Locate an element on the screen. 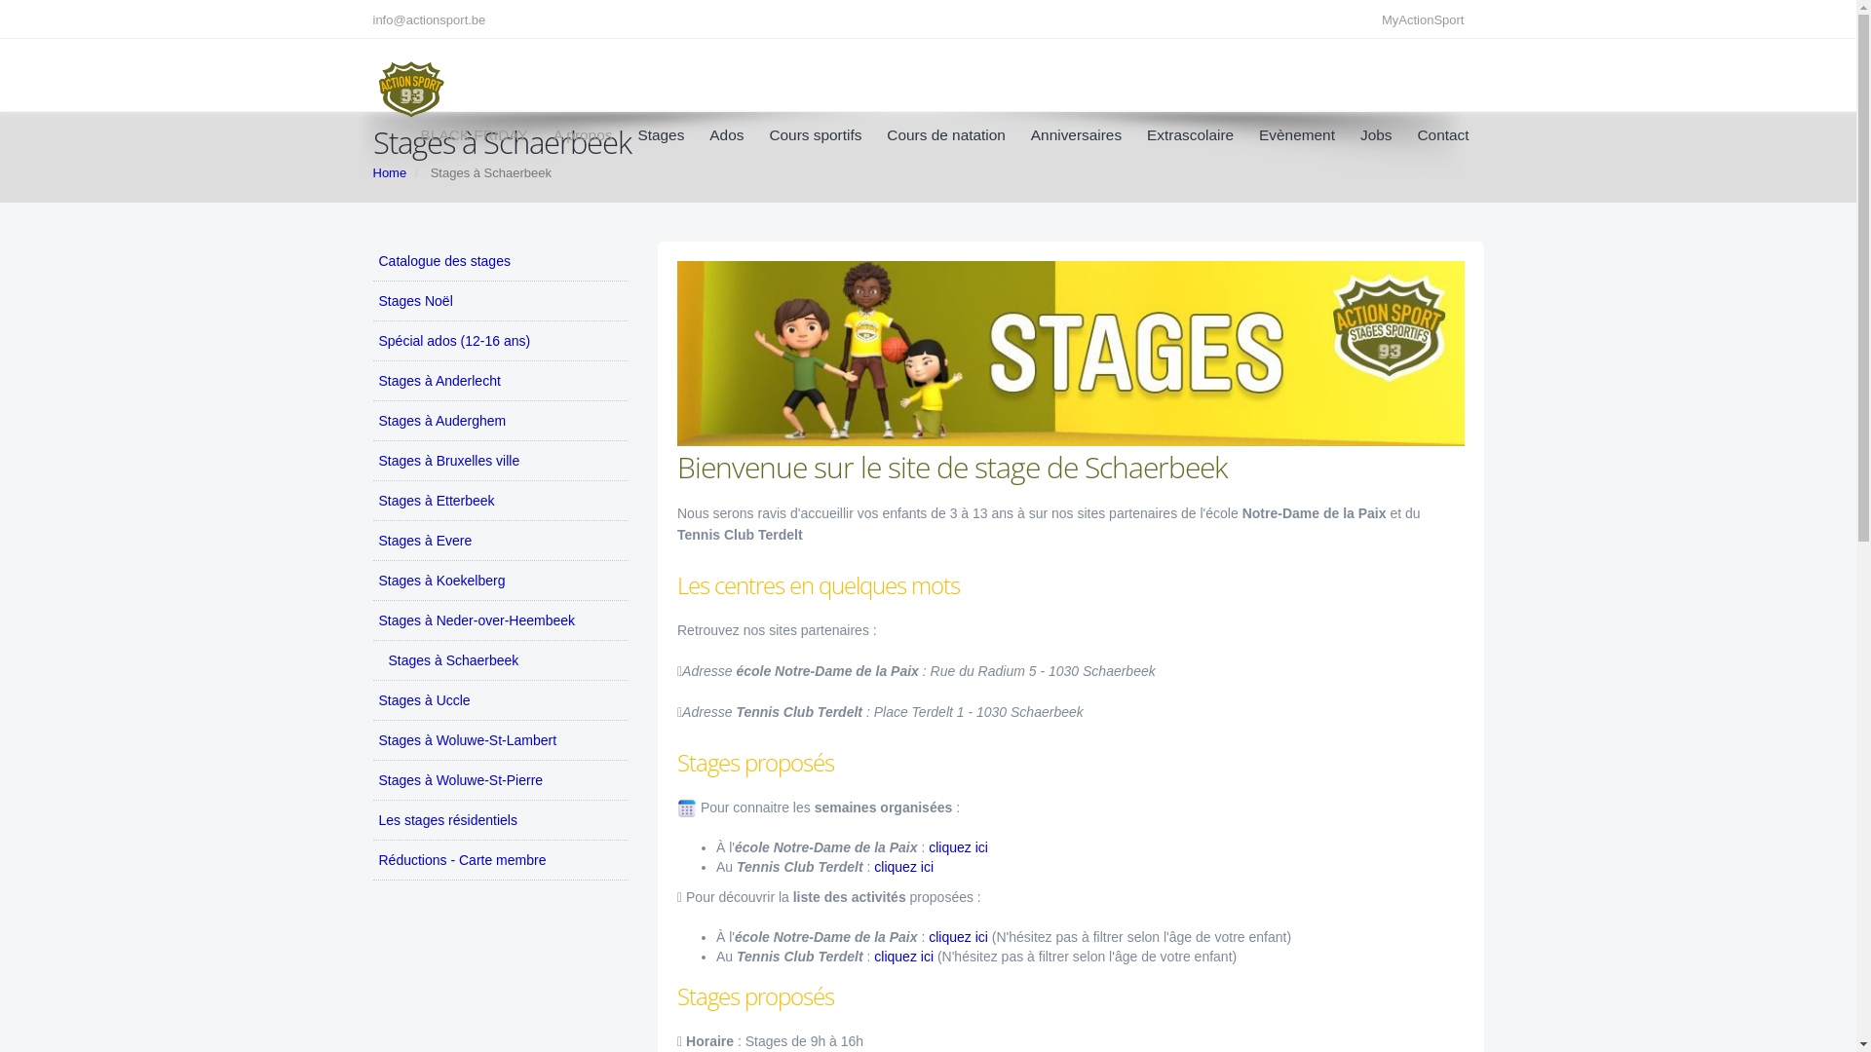 The width and height of the screenshot is (1871, 1052). 'Anniversaires' is located at coordinates (1075, 133).